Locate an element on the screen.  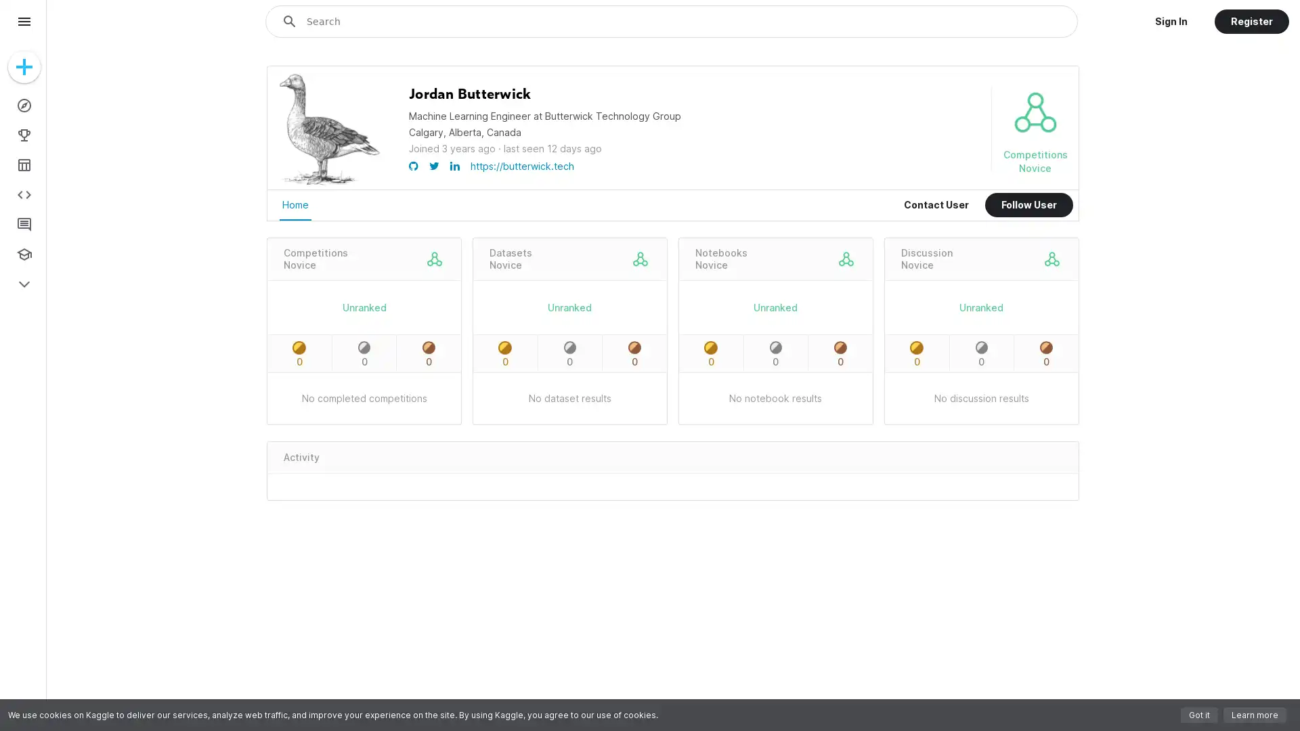
menu is located at coordinates (24, 21).